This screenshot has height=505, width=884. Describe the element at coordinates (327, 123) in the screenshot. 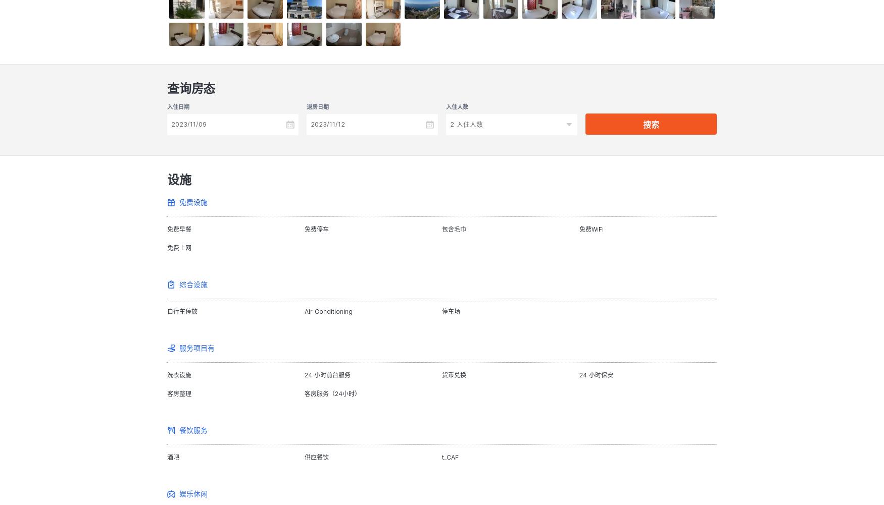

I see `'2023/11/12'` at that location.